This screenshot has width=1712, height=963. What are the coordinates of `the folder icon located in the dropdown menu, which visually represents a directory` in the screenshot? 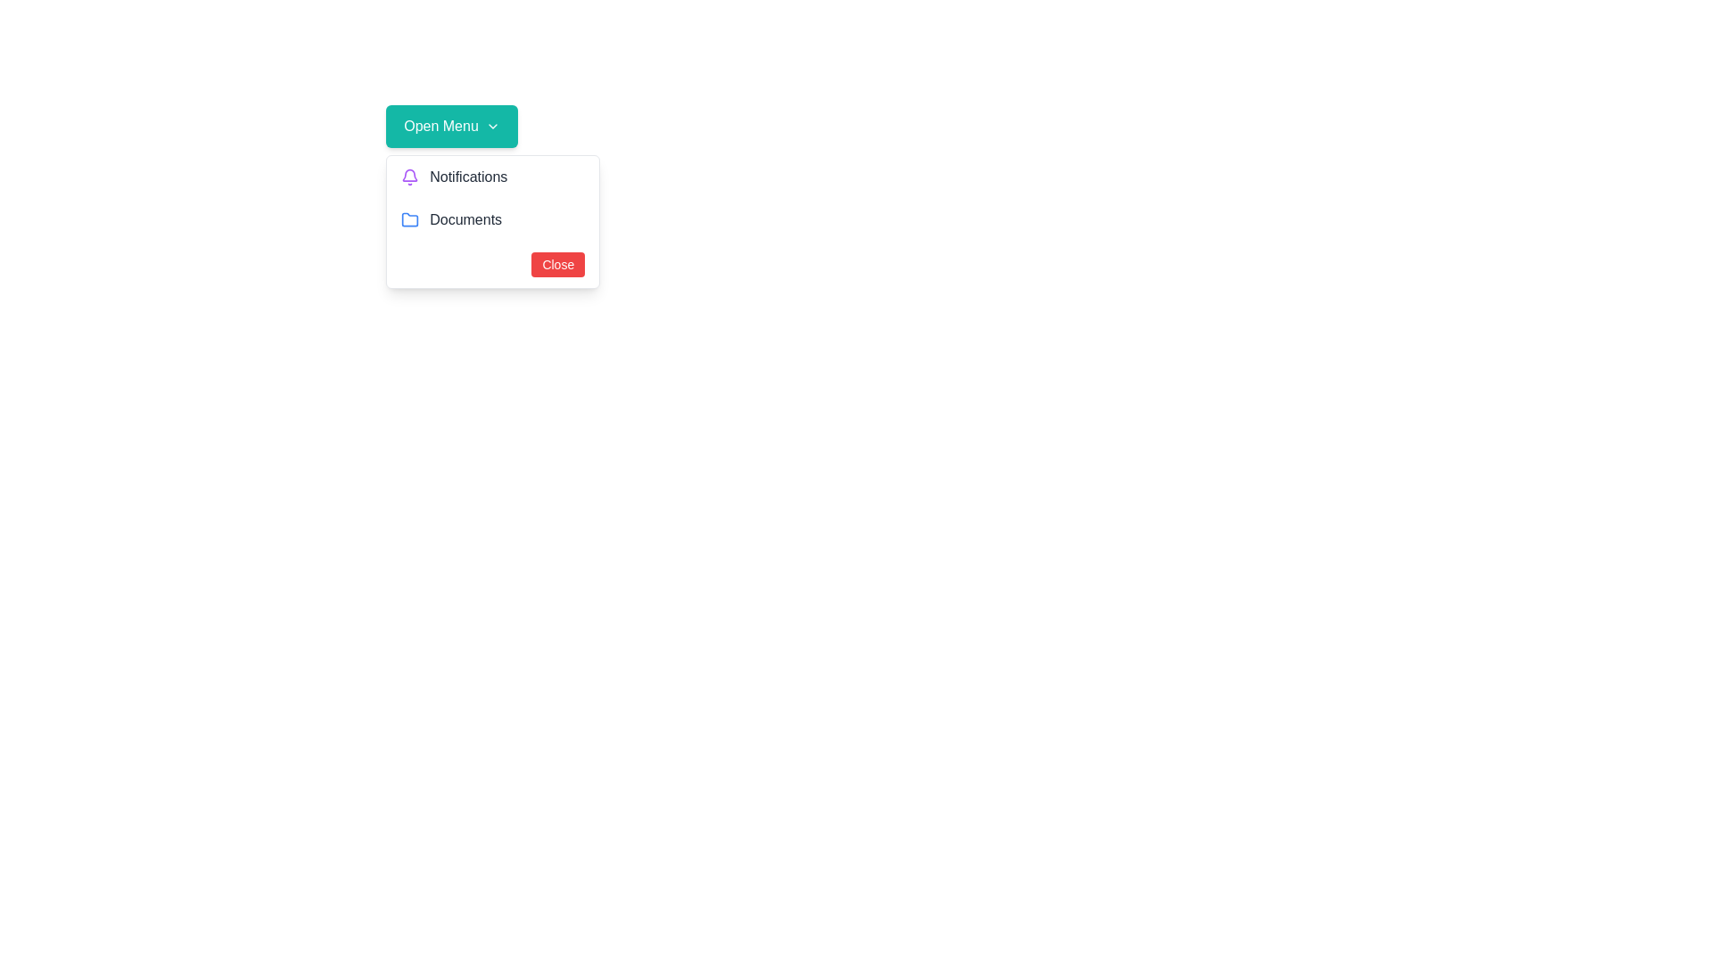 It's located at (409, 218).